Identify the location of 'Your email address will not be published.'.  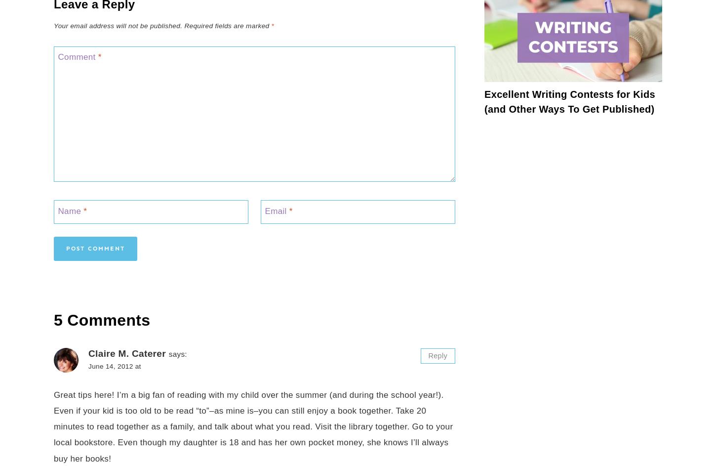
(117, 26).